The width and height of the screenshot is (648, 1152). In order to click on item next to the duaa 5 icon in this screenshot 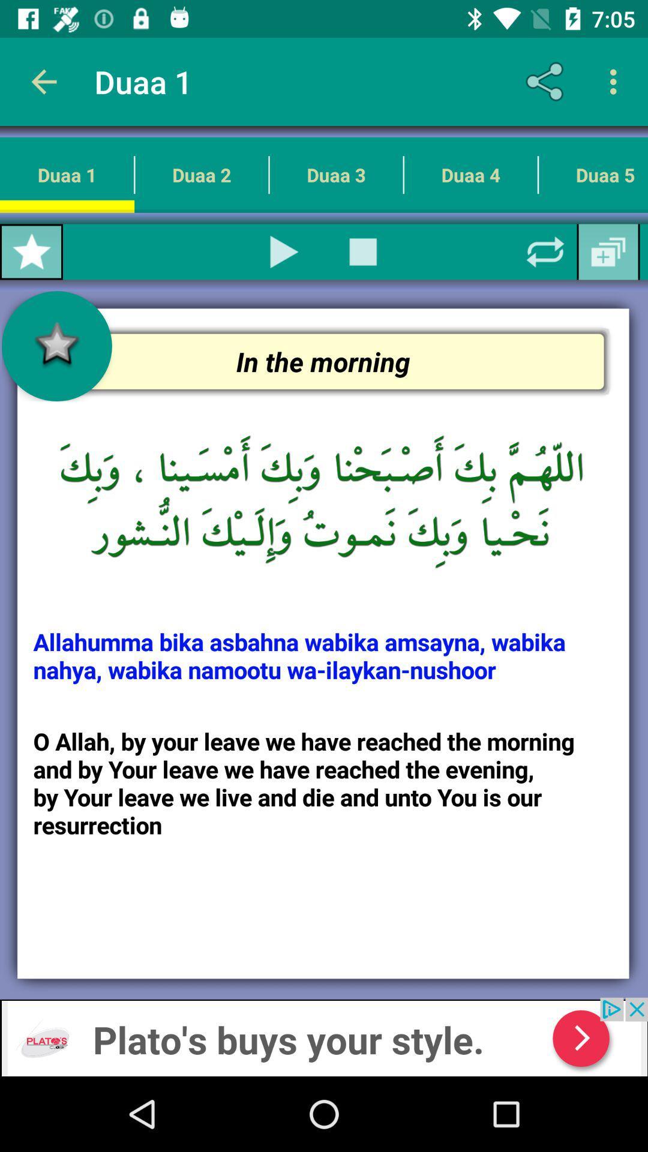, I will do `click(470, 174)`.